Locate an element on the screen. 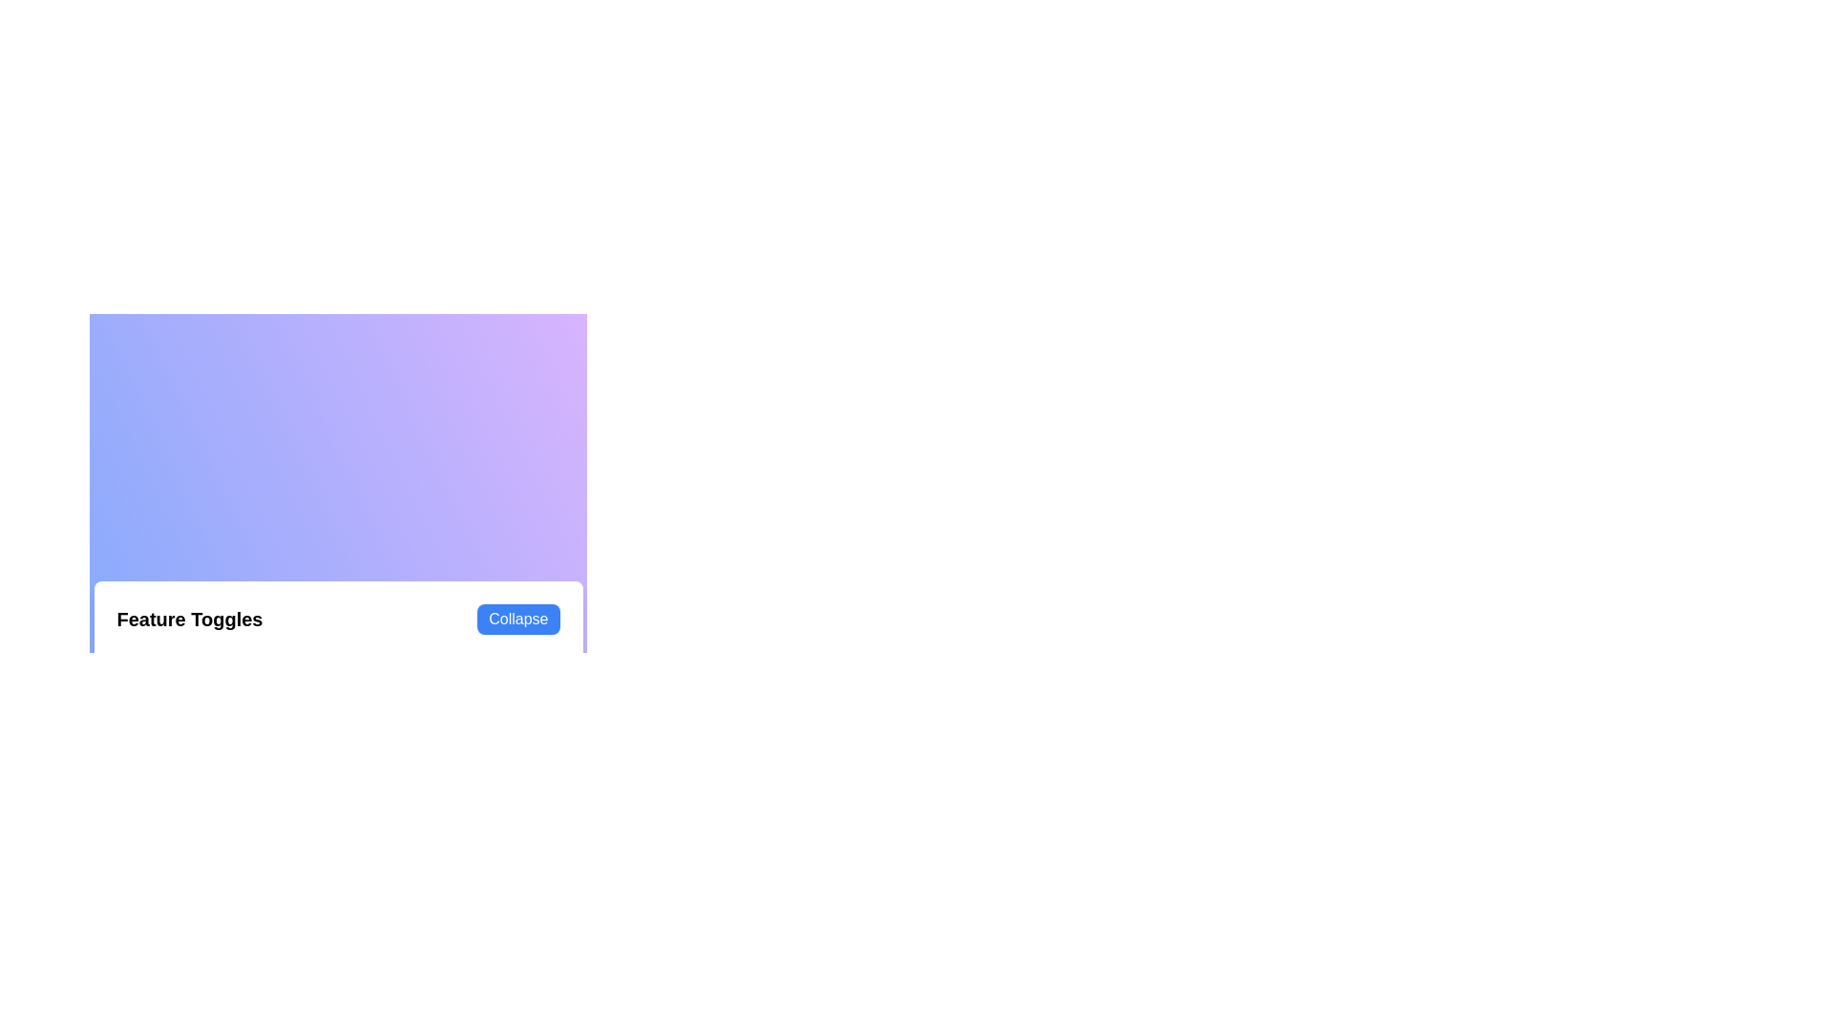  the 'Collapse' button in the header section of the menu is located at coordinates (517, 619).